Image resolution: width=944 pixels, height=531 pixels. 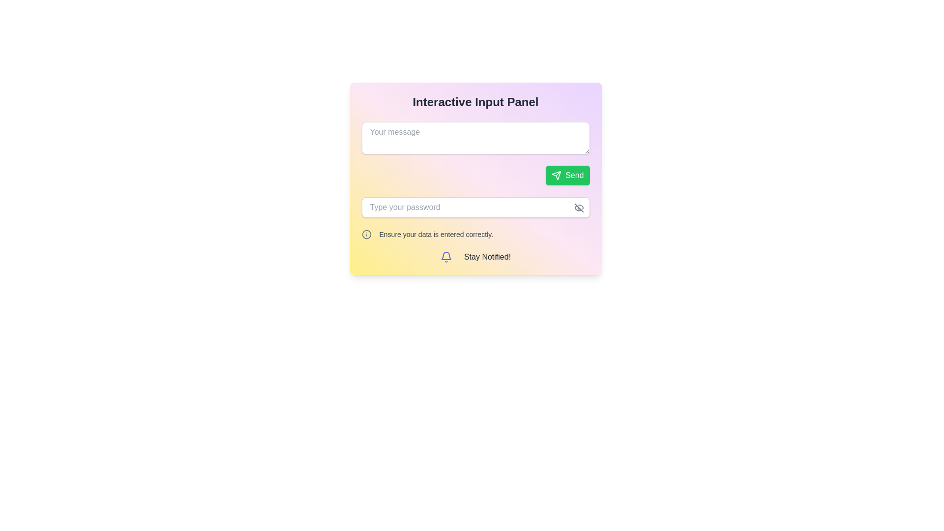 I want to click on text label that serves as a descriptor for the adjacent bell icon, located at the bottom of the interactive panel and positioned to the right of the bell icon, so click(x=487, y=257).